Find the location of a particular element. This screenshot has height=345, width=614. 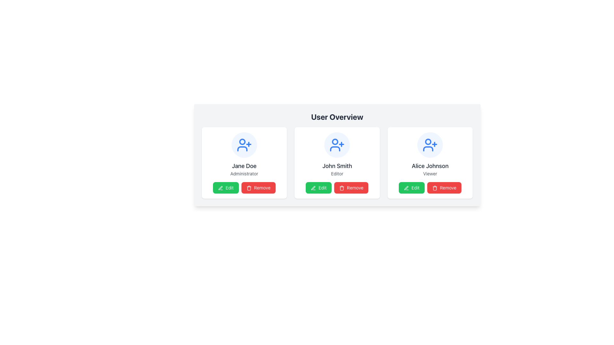

the 'Remove' button with a trash can icon located at the bottom-right quadrant of the middle card labeled 'John Smith', adjacent to the 'Edit' button is located at coordinates (351, 187).